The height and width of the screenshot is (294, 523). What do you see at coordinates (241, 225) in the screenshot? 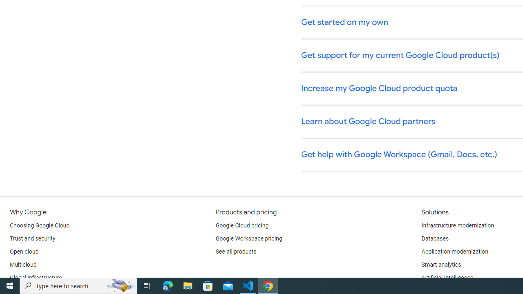
I see `'Google Cloud pricing'` at bounding box center [241, 225].